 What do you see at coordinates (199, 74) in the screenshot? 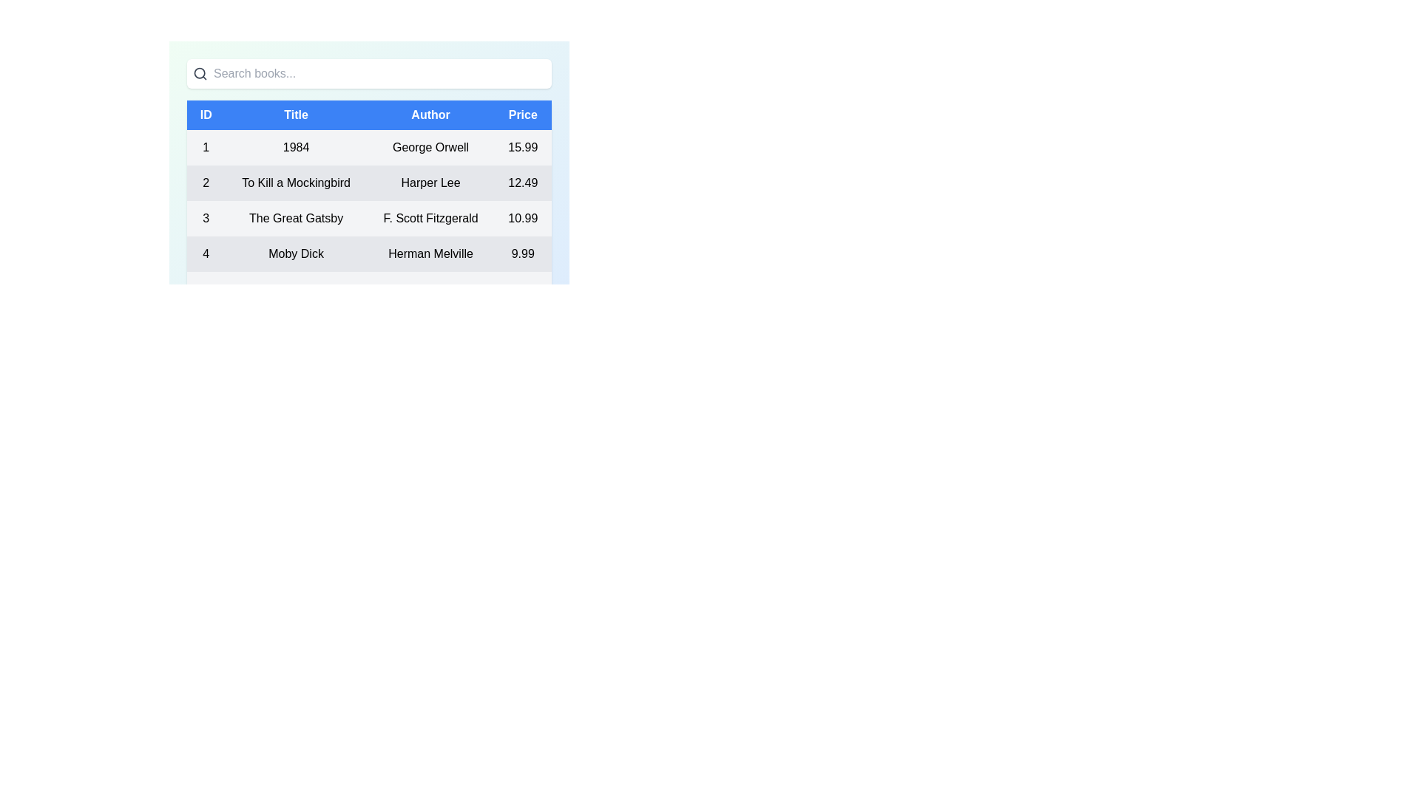
I see `the magnifying glass icon located at the far-left of the horizontal search bar, which is visually designed to indicate the search functionality` at bounding box center [199, 74].